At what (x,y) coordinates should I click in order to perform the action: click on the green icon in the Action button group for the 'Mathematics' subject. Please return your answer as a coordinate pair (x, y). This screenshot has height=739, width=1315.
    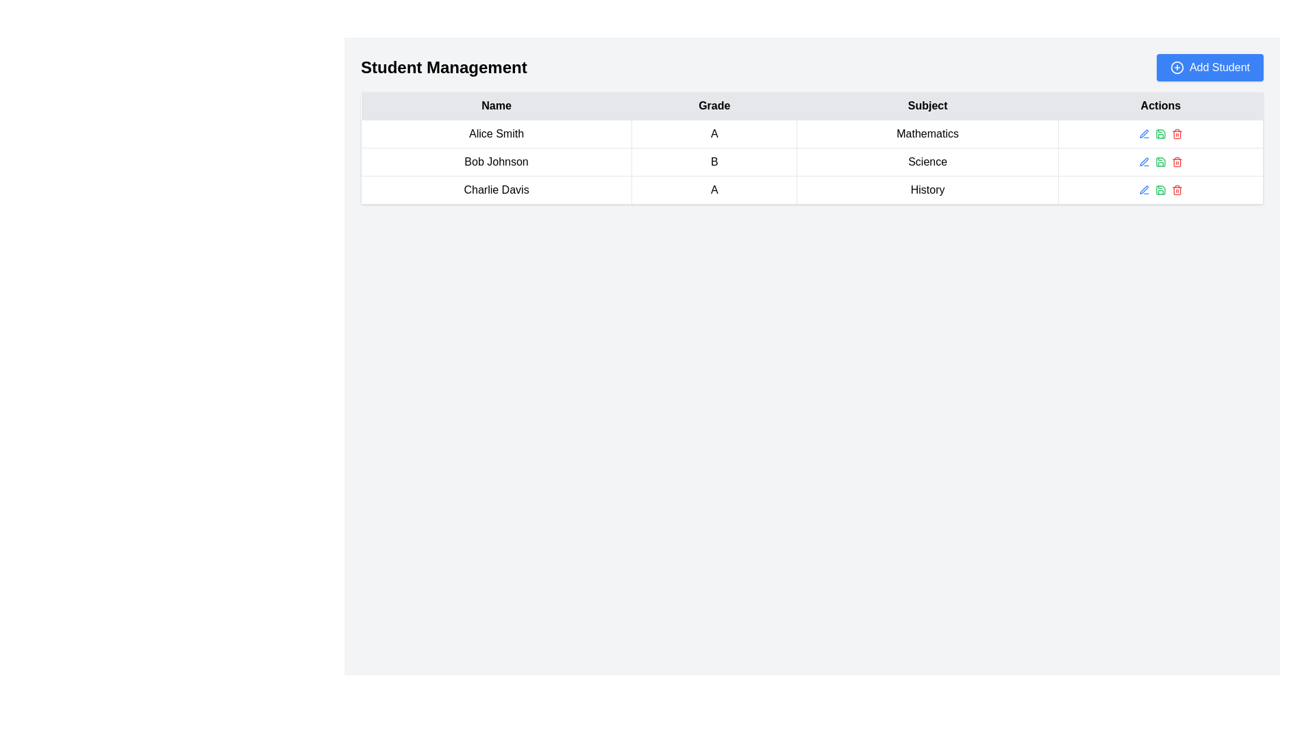
    Looking at the image, I should click on (1160, 134).